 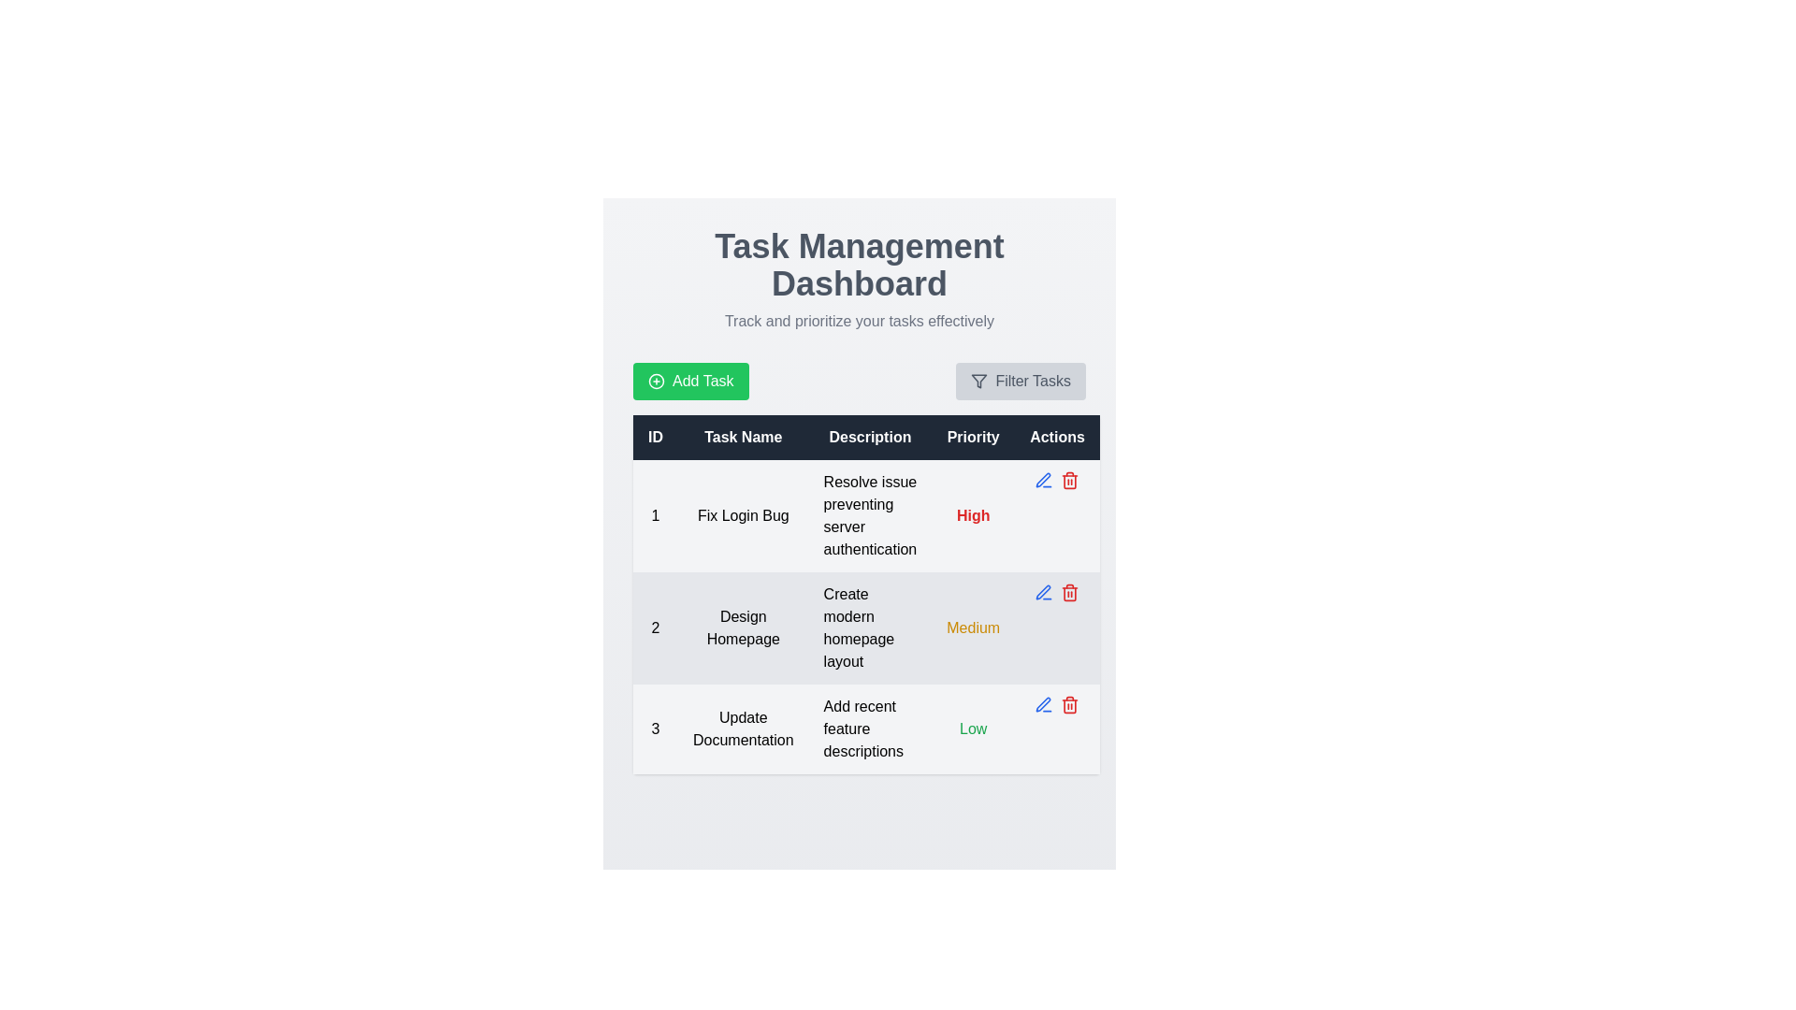 I want to click on the Static Text Header labeled 'Actions' in the table, which is the fifth header cell located to the right of the 'Priority' header, so click(x=1057, y=437).